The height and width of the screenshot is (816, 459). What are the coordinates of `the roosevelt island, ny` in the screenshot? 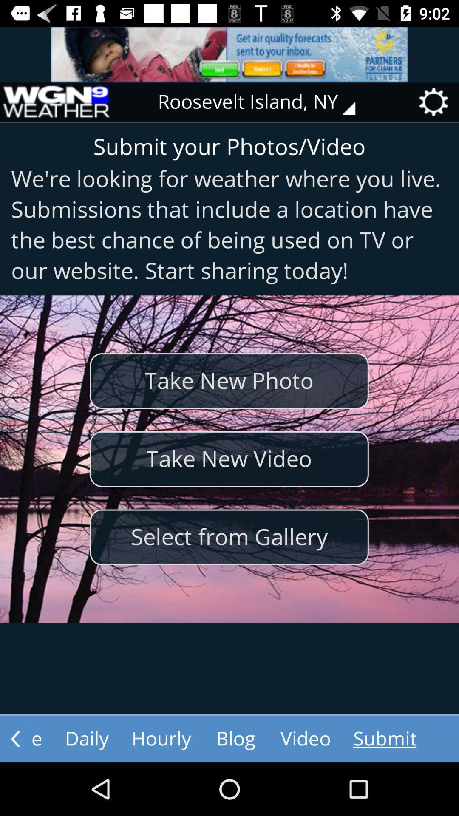 It's located at (262, 102).